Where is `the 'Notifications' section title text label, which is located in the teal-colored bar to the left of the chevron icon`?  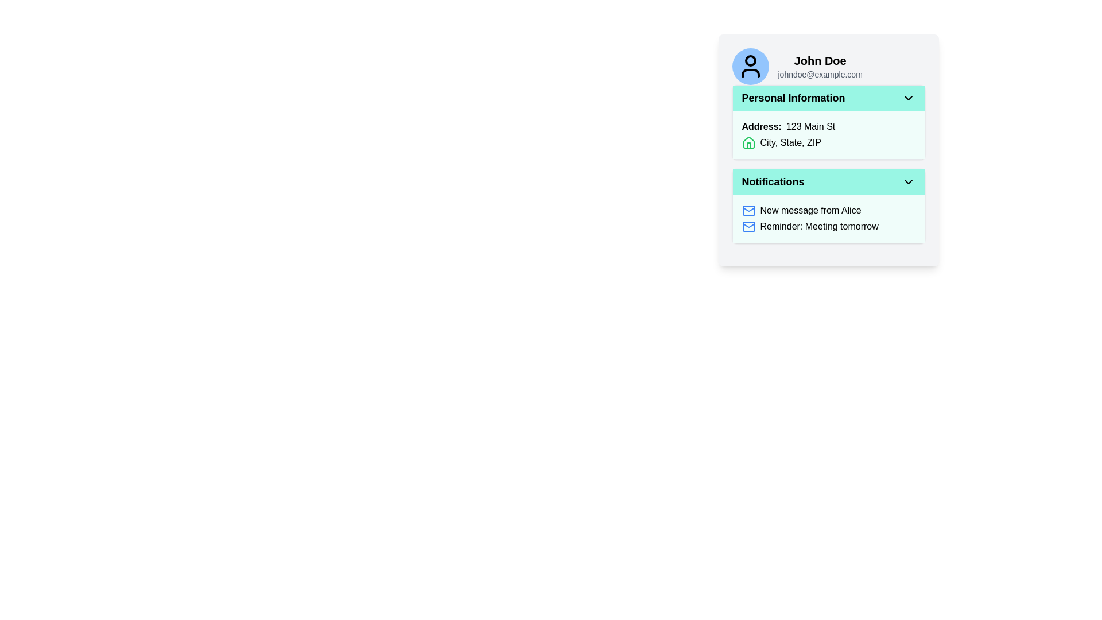 the 'Notifications' section title text label, which is located in the teal-colored bar to the left of the chevron icon is located at coordinates (773, 181).